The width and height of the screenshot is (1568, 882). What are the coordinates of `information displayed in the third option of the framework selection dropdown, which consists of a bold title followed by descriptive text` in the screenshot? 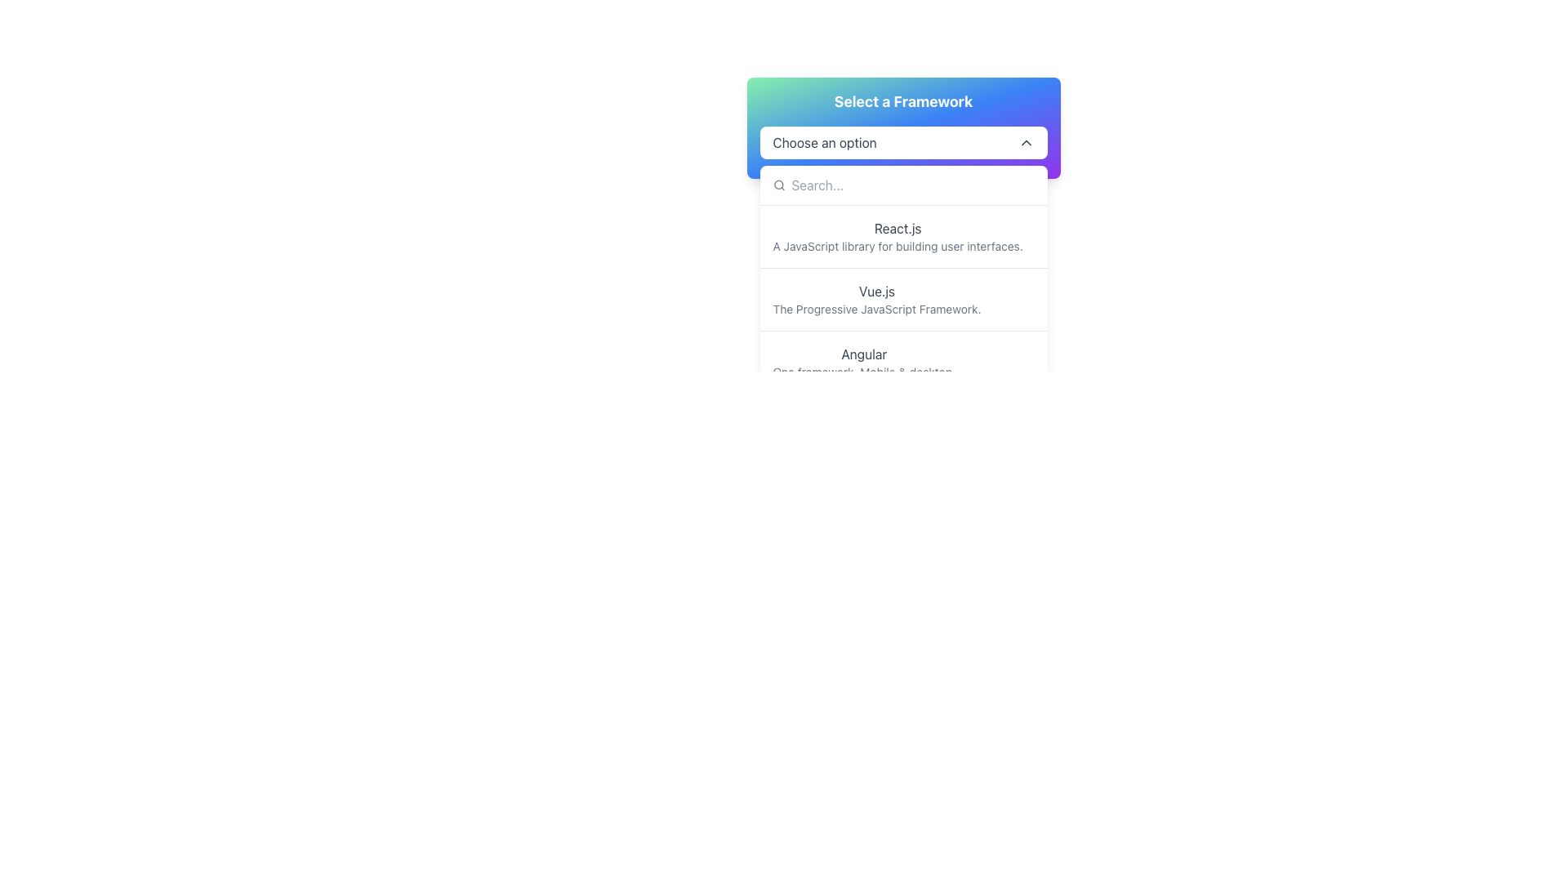 It's located at (863, 361).